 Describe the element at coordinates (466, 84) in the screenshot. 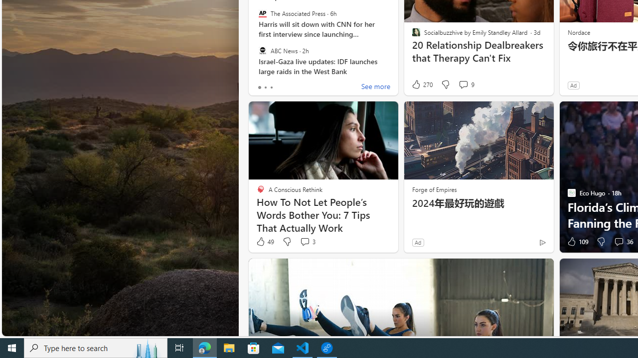

I see `'View comments 9 Comment'` at that location.